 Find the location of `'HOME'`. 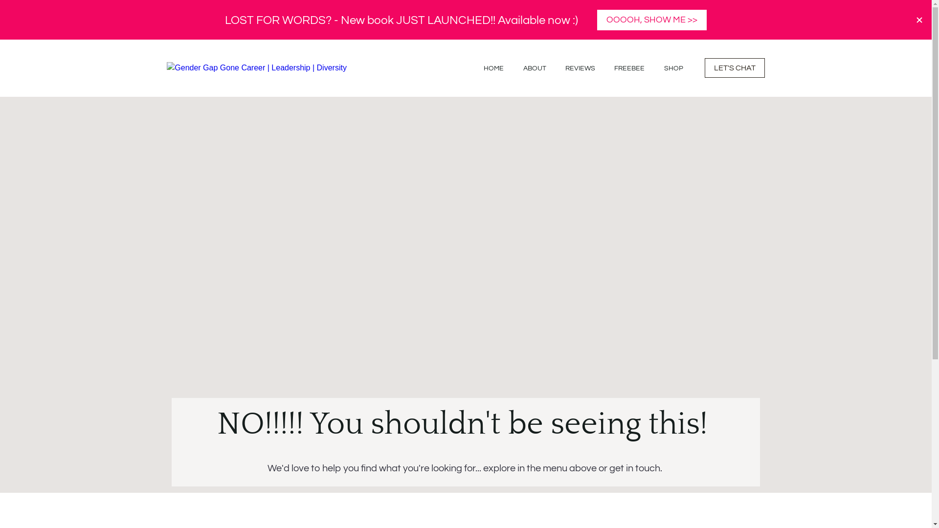

'HOME' is located at coordinates (493, 67).